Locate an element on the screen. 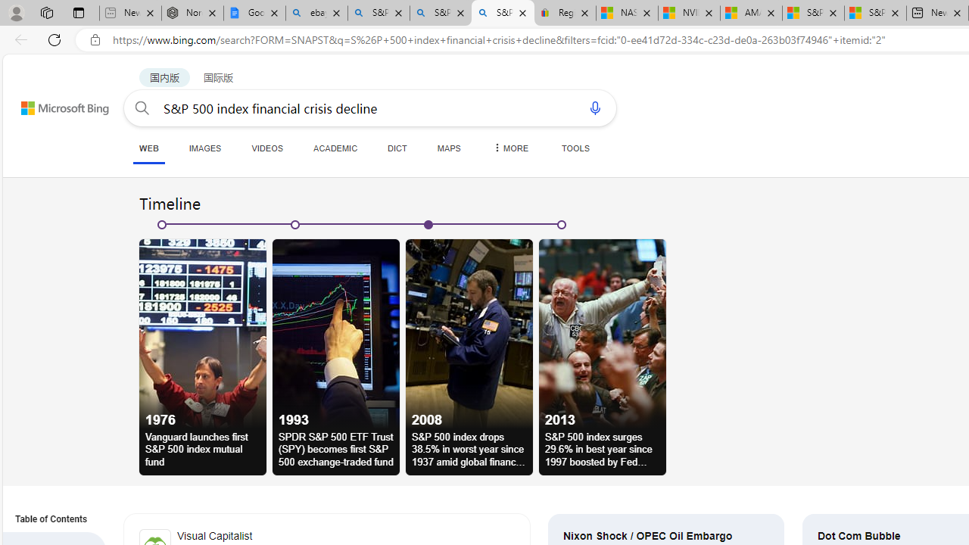 The height and width of the screenshot is (545, 969). 'Skip to content' is located at coordinates (48, 101).